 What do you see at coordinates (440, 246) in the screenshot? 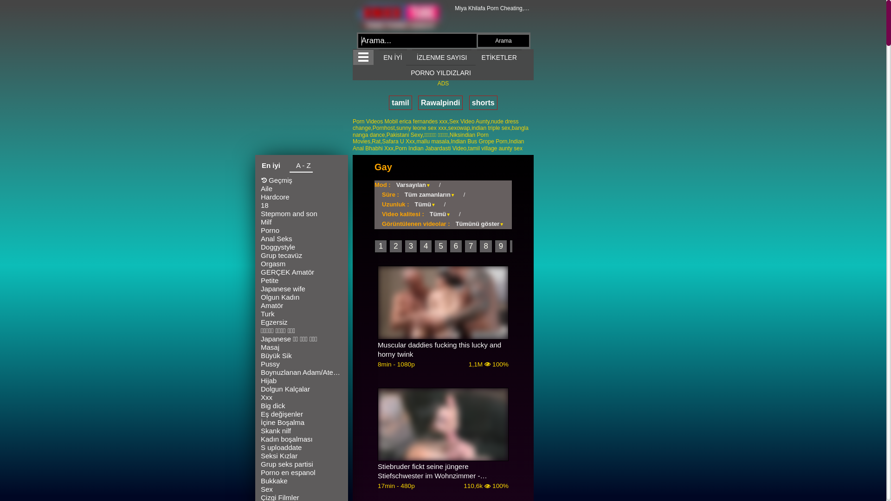
I see `'5'` at bounding box center [440, 246].